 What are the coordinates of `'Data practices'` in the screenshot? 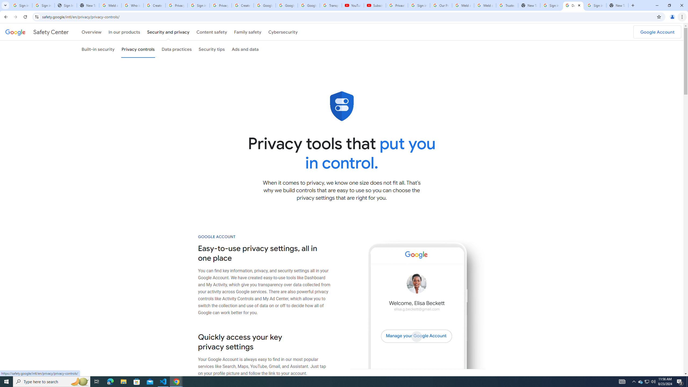 It's located at (176, 49).